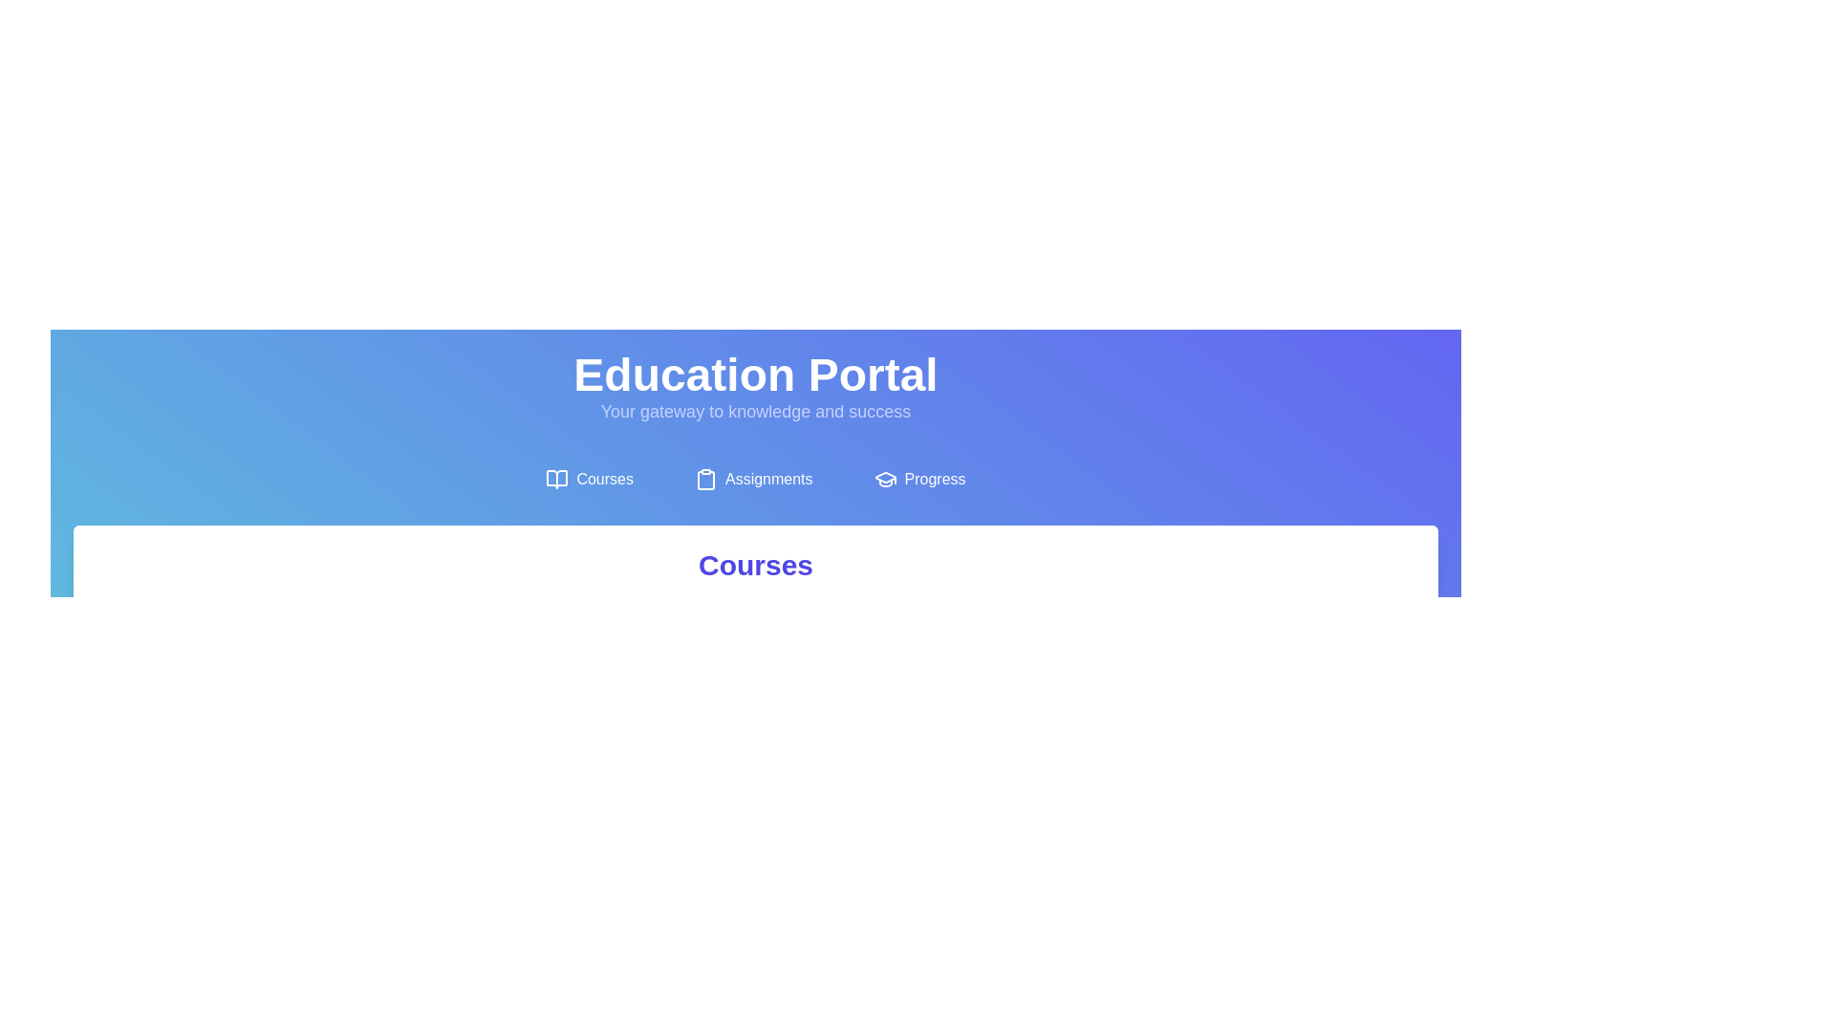 The image size is (1835, 1032). Describe the element at coordinates (752, 478) in the screenshot. I see `the Assignments tab to view its content` at that location.